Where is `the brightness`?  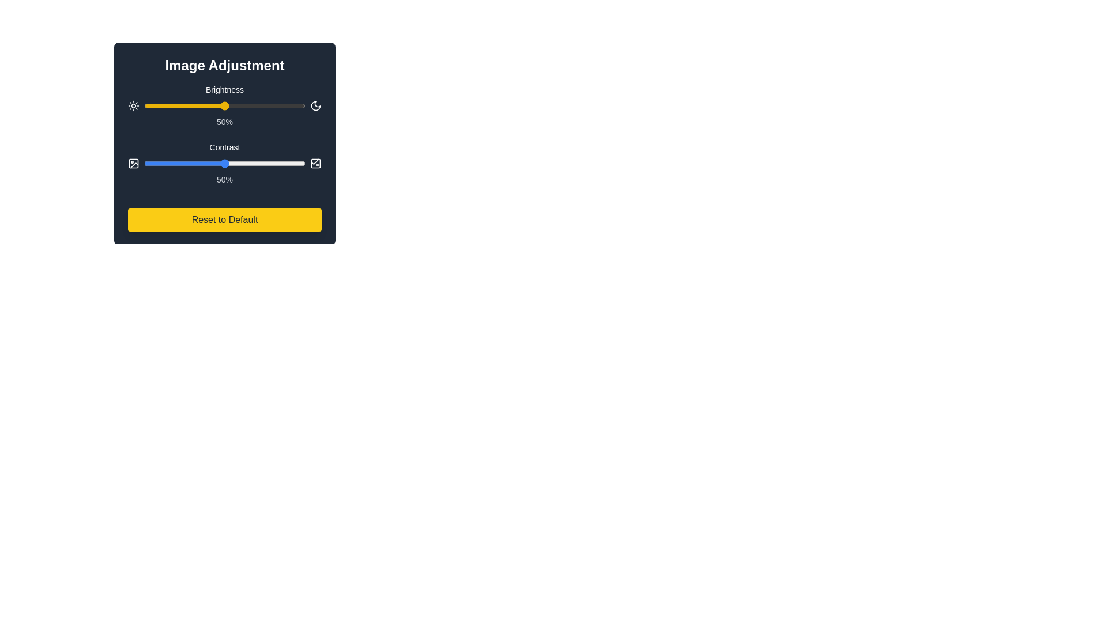 the brightness is located at coordinates (269, 106).